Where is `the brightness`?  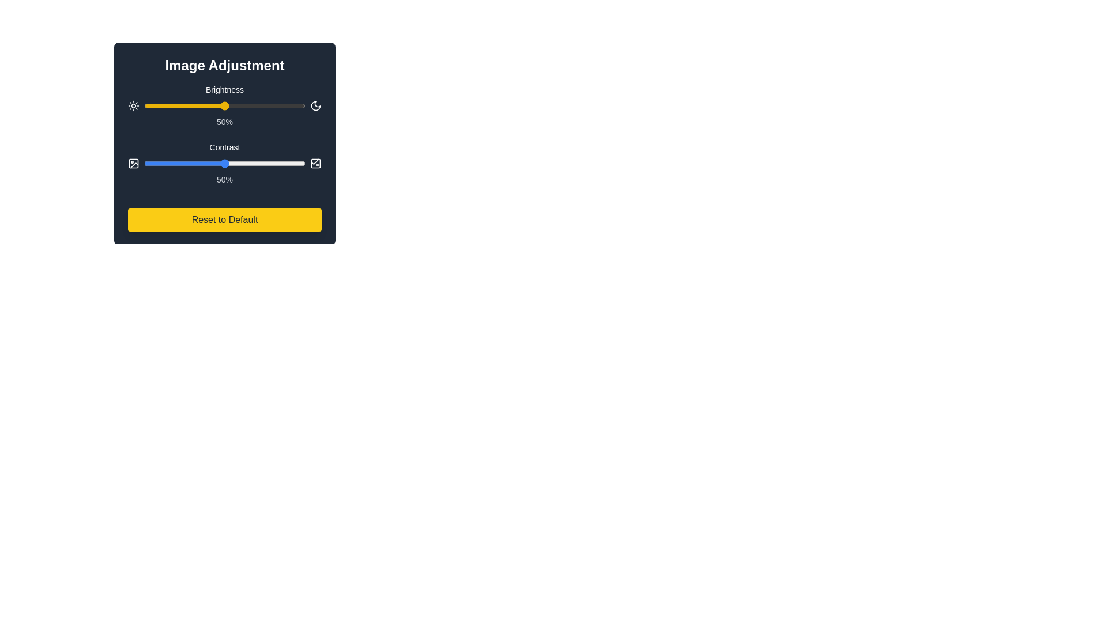 the brightness is located at coordinates (269, 106).